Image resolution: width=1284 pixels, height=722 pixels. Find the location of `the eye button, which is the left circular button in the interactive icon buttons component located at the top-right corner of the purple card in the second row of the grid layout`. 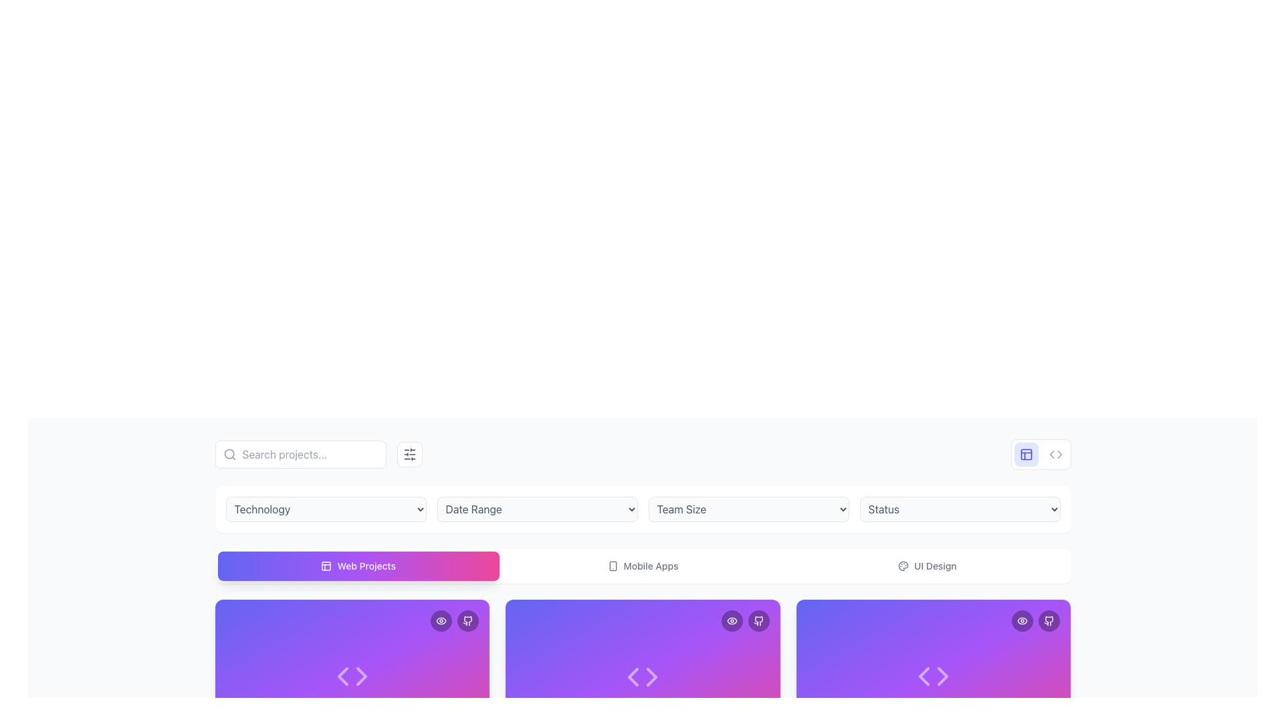

the eye button, which is the left circular button in the interactive icon buttons component located at the top-right corner of the purple card in the second row of the grid layout is located at coordinates (1035, 621).